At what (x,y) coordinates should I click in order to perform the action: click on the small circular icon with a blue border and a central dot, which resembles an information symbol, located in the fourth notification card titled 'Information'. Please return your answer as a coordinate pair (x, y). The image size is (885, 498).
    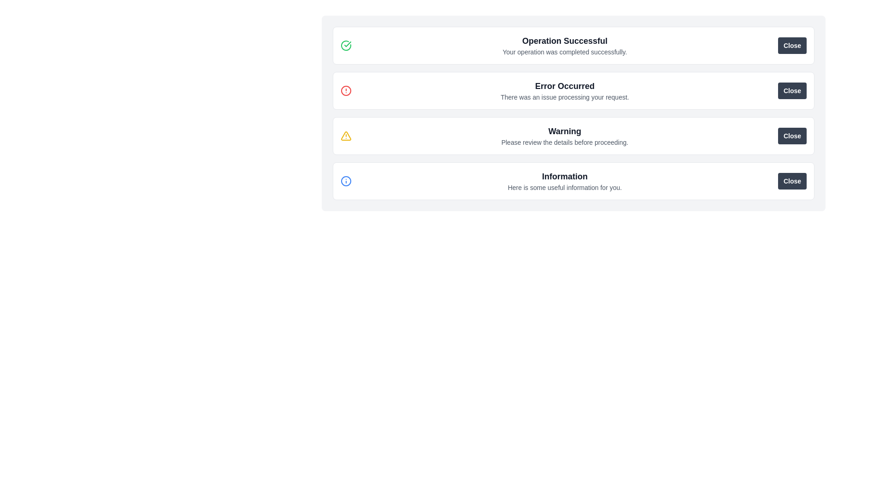
    Looking at the image, I should click on (345, 181).